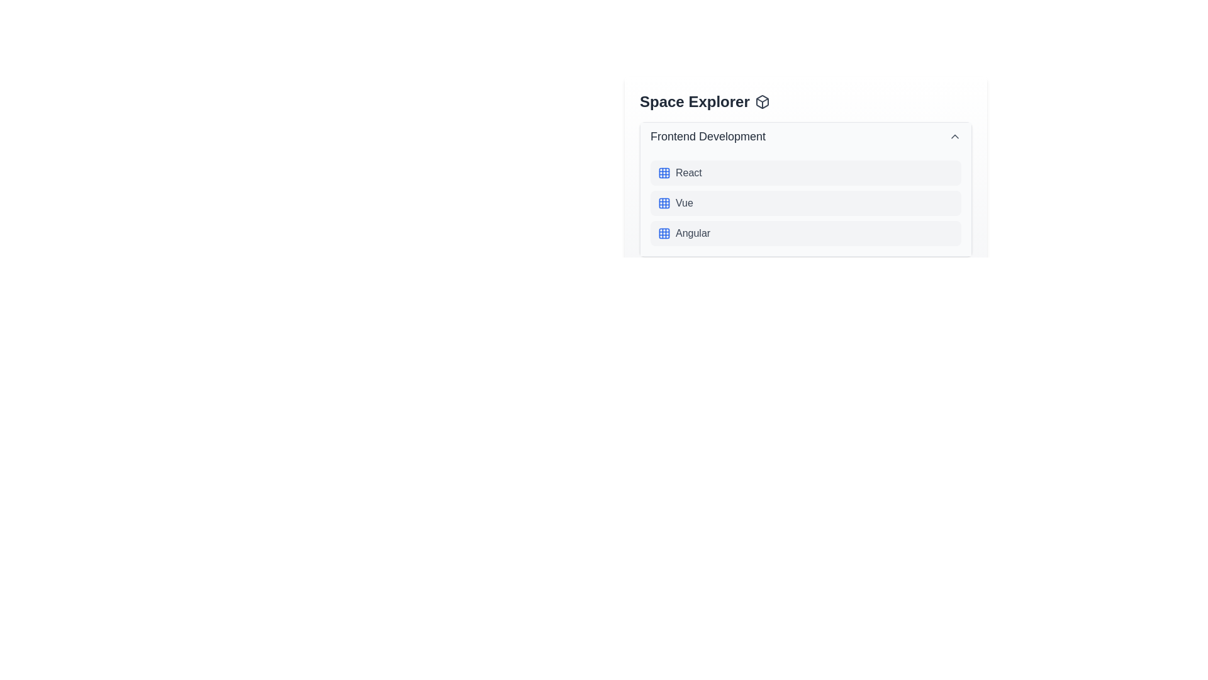 The image size is (1208, 680). I want to click on the chevron icon on the rightmost side of the 'Frontend Development' section, so click(954, 136).